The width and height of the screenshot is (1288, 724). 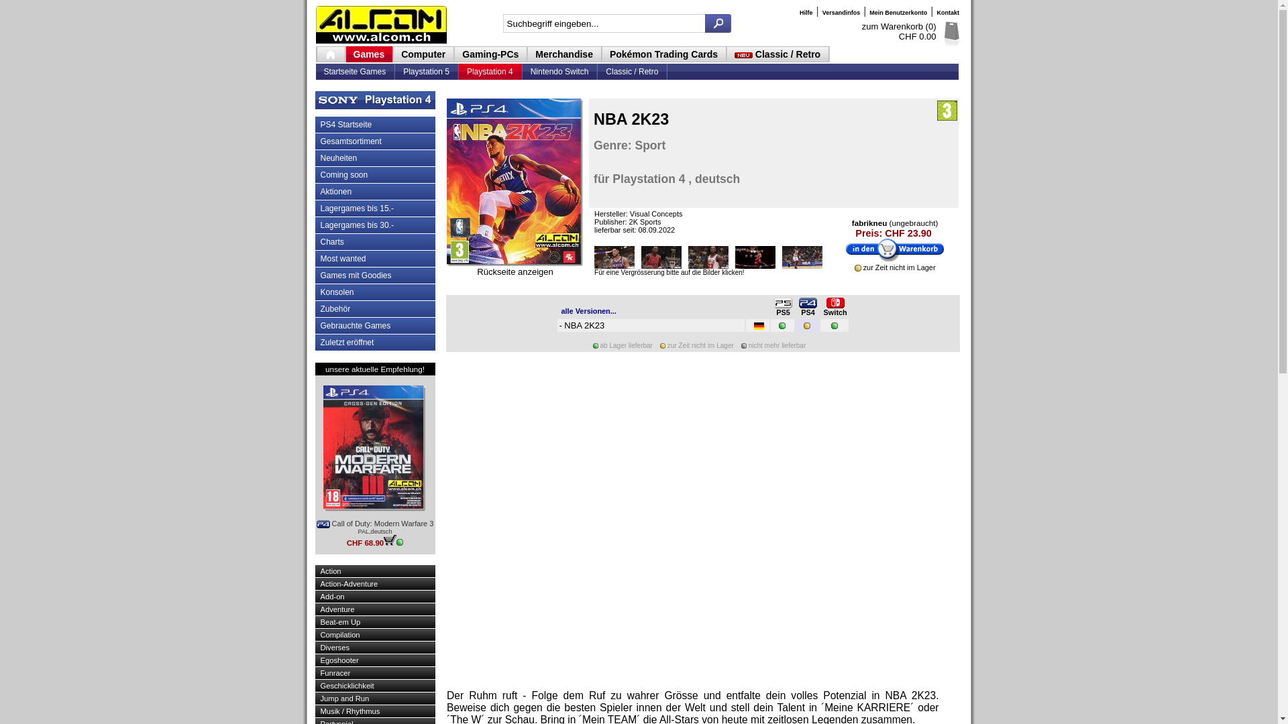 I want to click on 'Mein Benutzerkonto', so click(x=898, y=13).